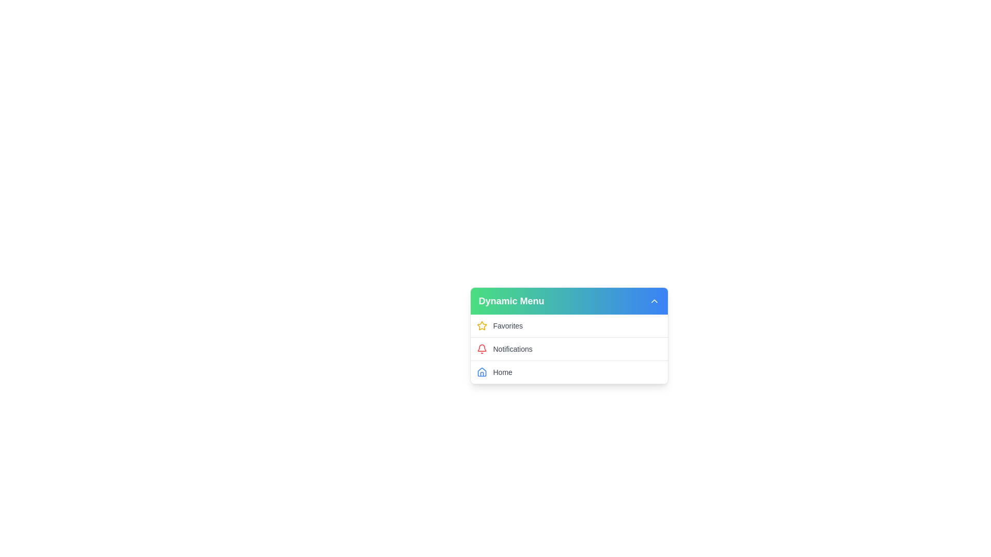  What do you see at coordinates (568, 326) in the screenshot?
I see `the menu item Favorites to trigger its hover effect` at bounding box center [568, 326].